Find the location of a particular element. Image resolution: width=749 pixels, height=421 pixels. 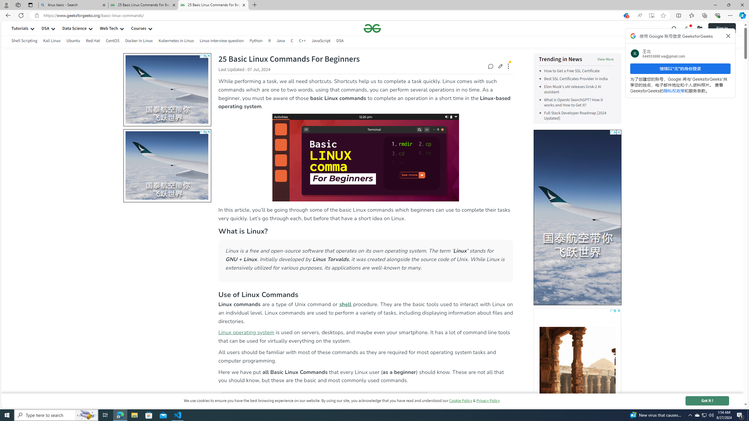

'shell' is located at coordinates (346, 304).